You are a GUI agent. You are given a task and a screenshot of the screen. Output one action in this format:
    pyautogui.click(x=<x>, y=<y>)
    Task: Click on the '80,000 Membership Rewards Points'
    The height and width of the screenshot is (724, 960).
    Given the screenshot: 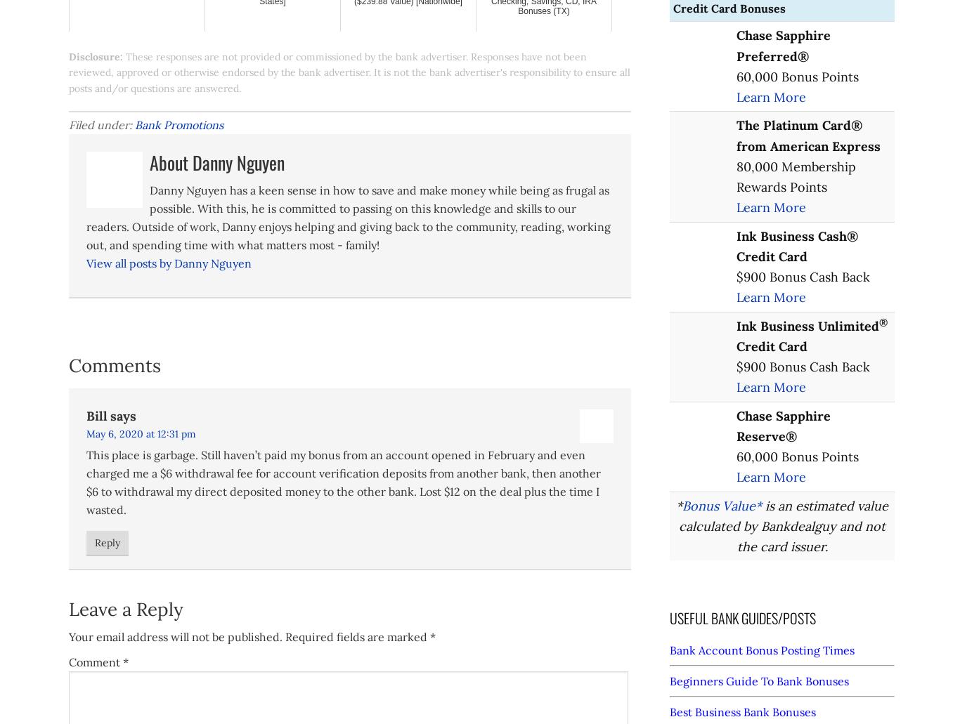 What is the action you would take?
    pyautogui.click(x=795, y=176)
    